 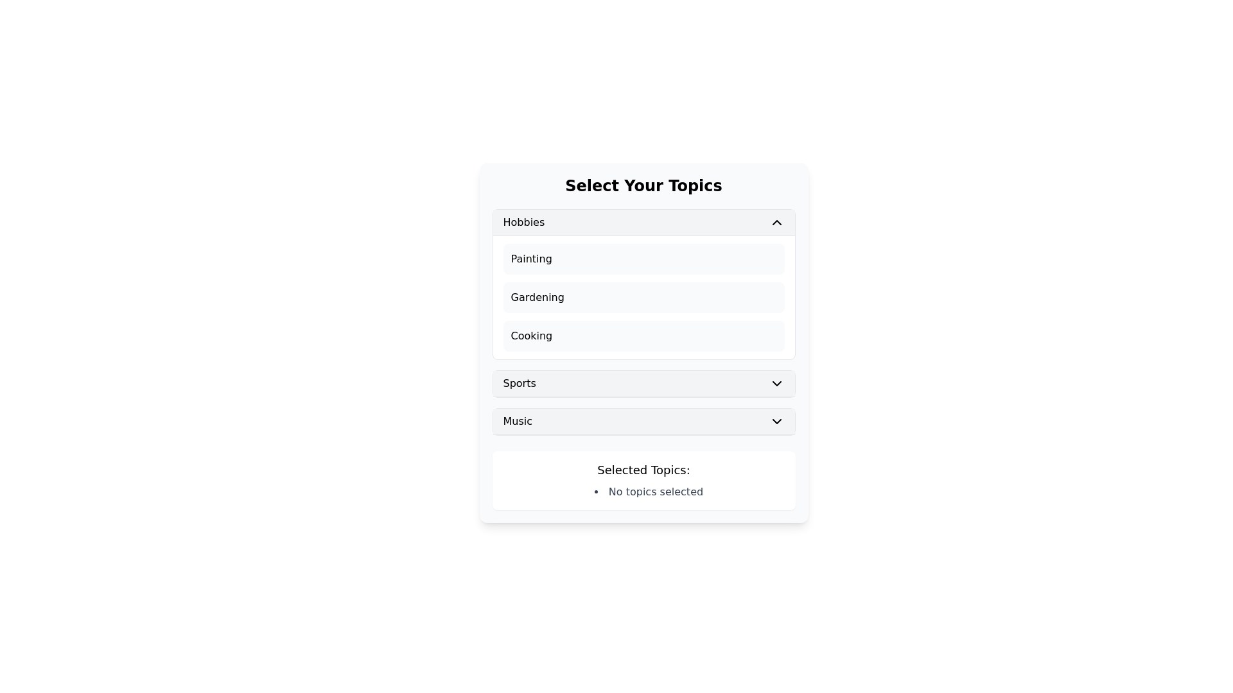 I want to click on the button-like list item labeled 'Gardening' located in the middle section under the header 'Hobbies', positioned between 'Painting' and 'Cooking', so click(x=643, y=297).